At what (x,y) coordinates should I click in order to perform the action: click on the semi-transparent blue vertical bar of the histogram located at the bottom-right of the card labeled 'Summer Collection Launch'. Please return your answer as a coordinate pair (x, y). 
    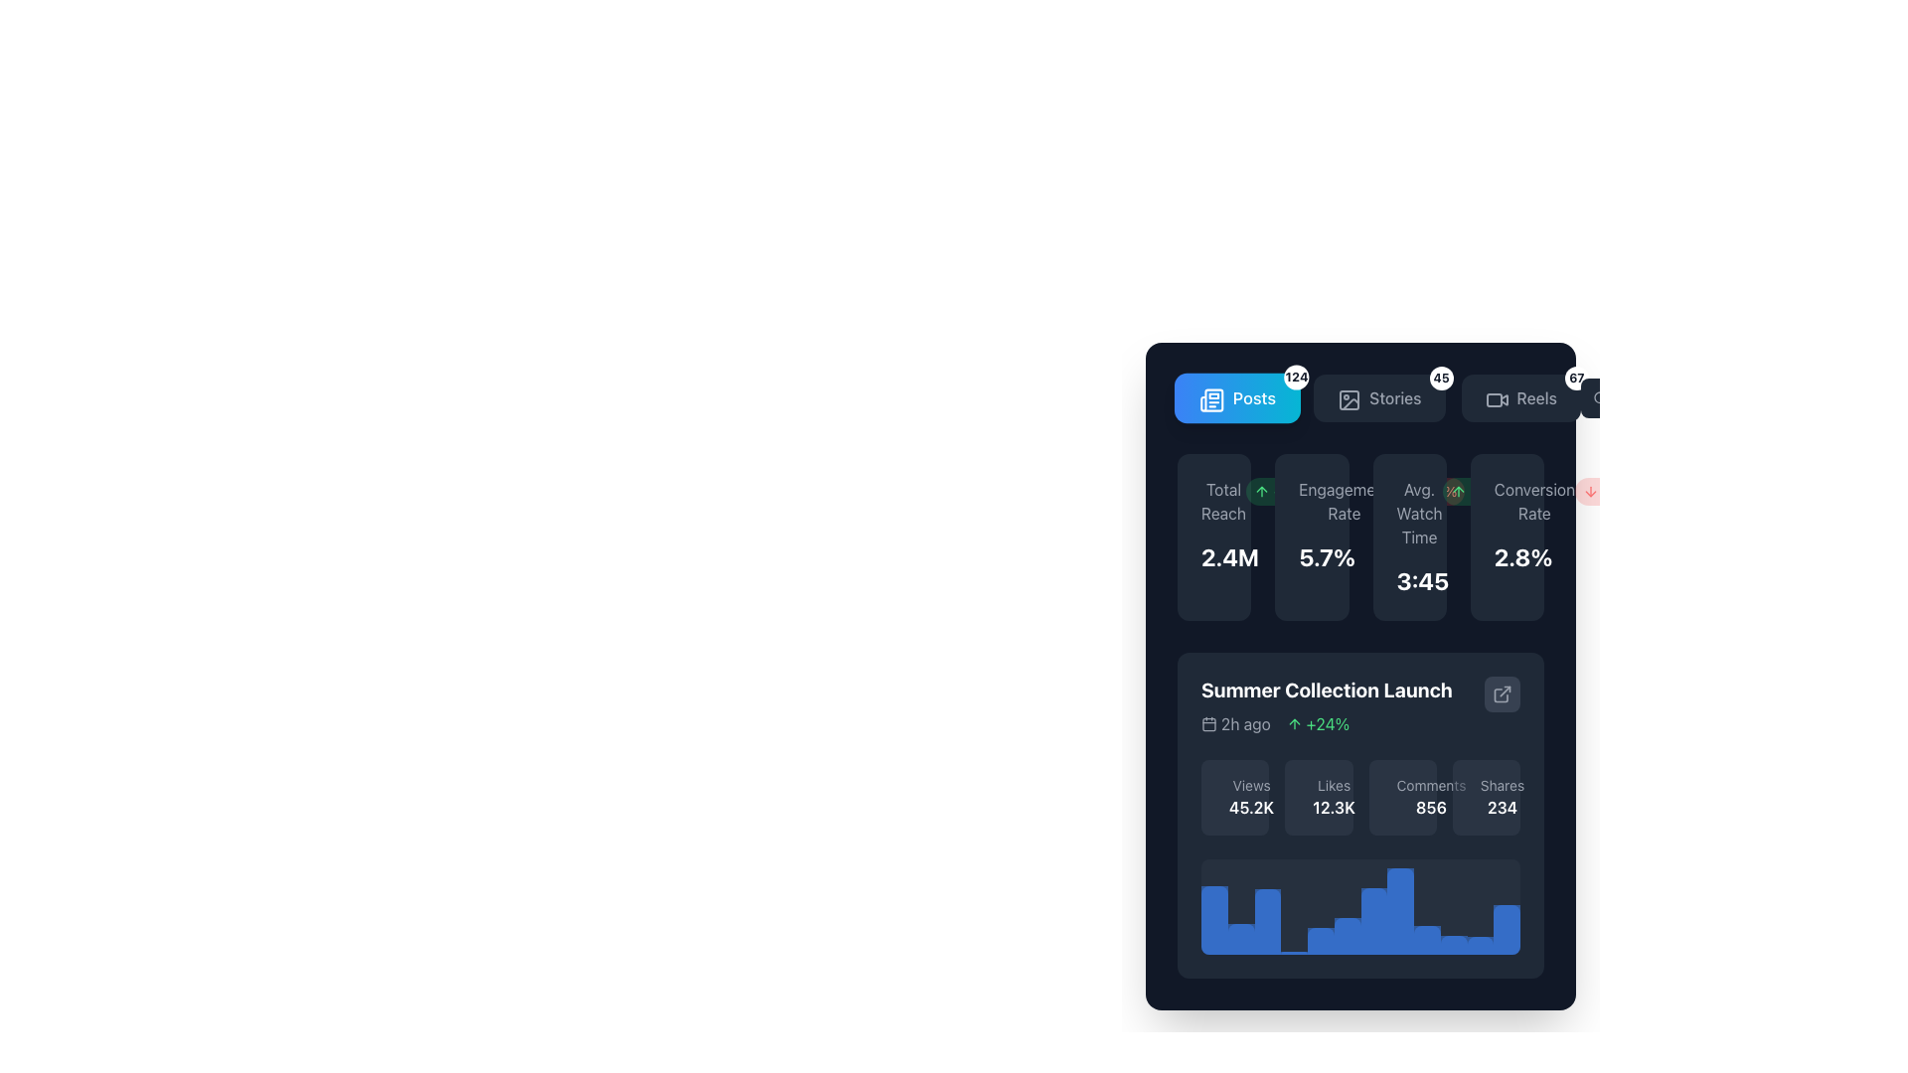
    Looking at the image, I should click on (1480, 944).